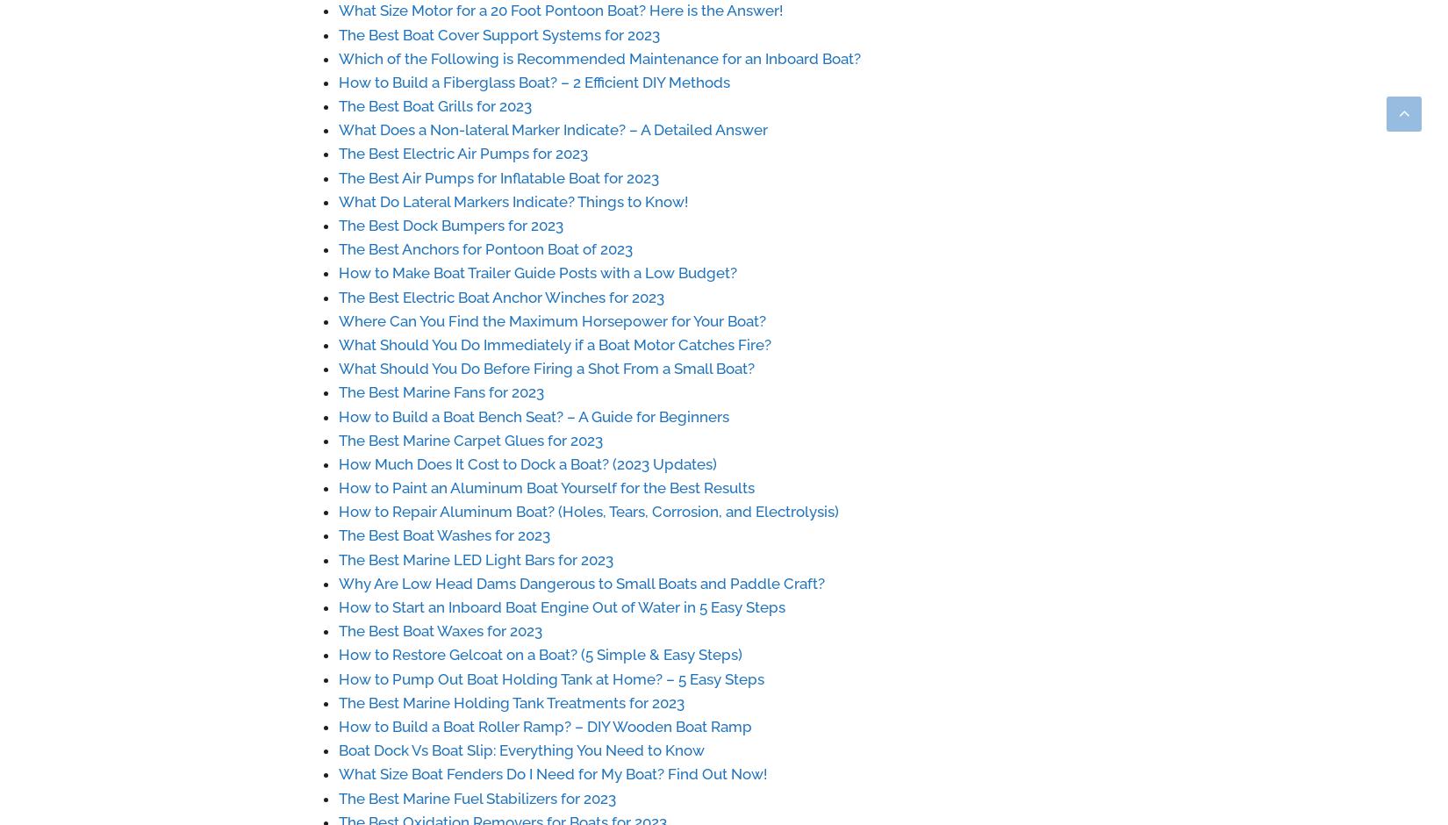  Describe the element at coordinates (510, 702) in the screenshot. I see `'The Best Marine Holding Tank Treatments for 2023'` at that location.